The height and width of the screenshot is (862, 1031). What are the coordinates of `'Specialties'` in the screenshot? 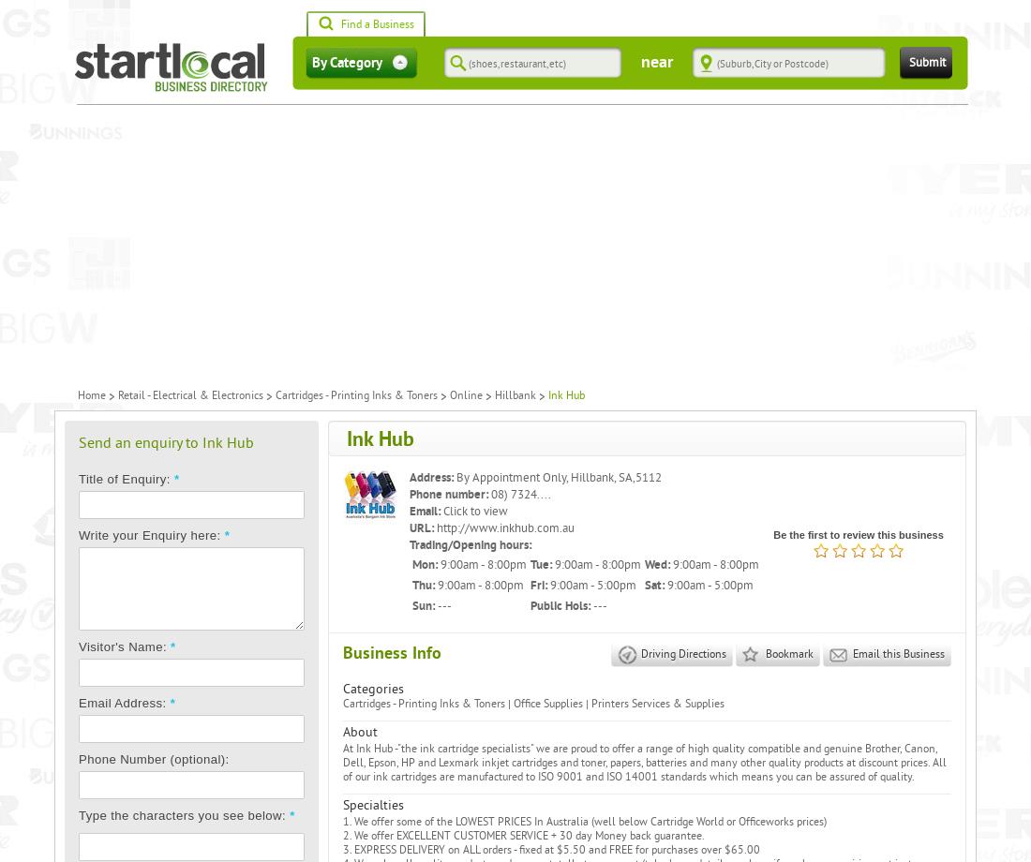 It's located at (373, 804).